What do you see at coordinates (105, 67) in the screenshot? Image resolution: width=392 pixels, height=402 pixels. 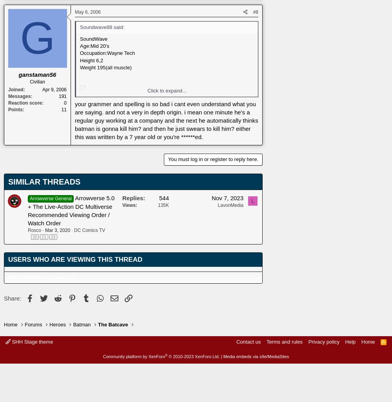 I see `'Weight 195(all muscle)'` at bounding box center [105, 67].